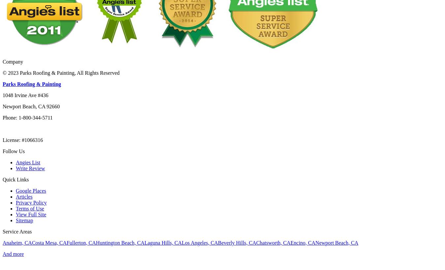 This screenshot has width=445, height=270. What do you see at coordinates (337, 242) in the screenshot?
I see `'Newport Beach, CA'` at bounding box center [337, 242].